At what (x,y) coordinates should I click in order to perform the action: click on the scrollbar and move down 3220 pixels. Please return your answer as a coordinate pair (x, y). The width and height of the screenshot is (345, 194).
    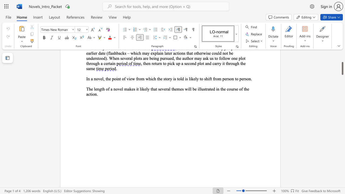
    Looking at the image, I should click on (342, 68).